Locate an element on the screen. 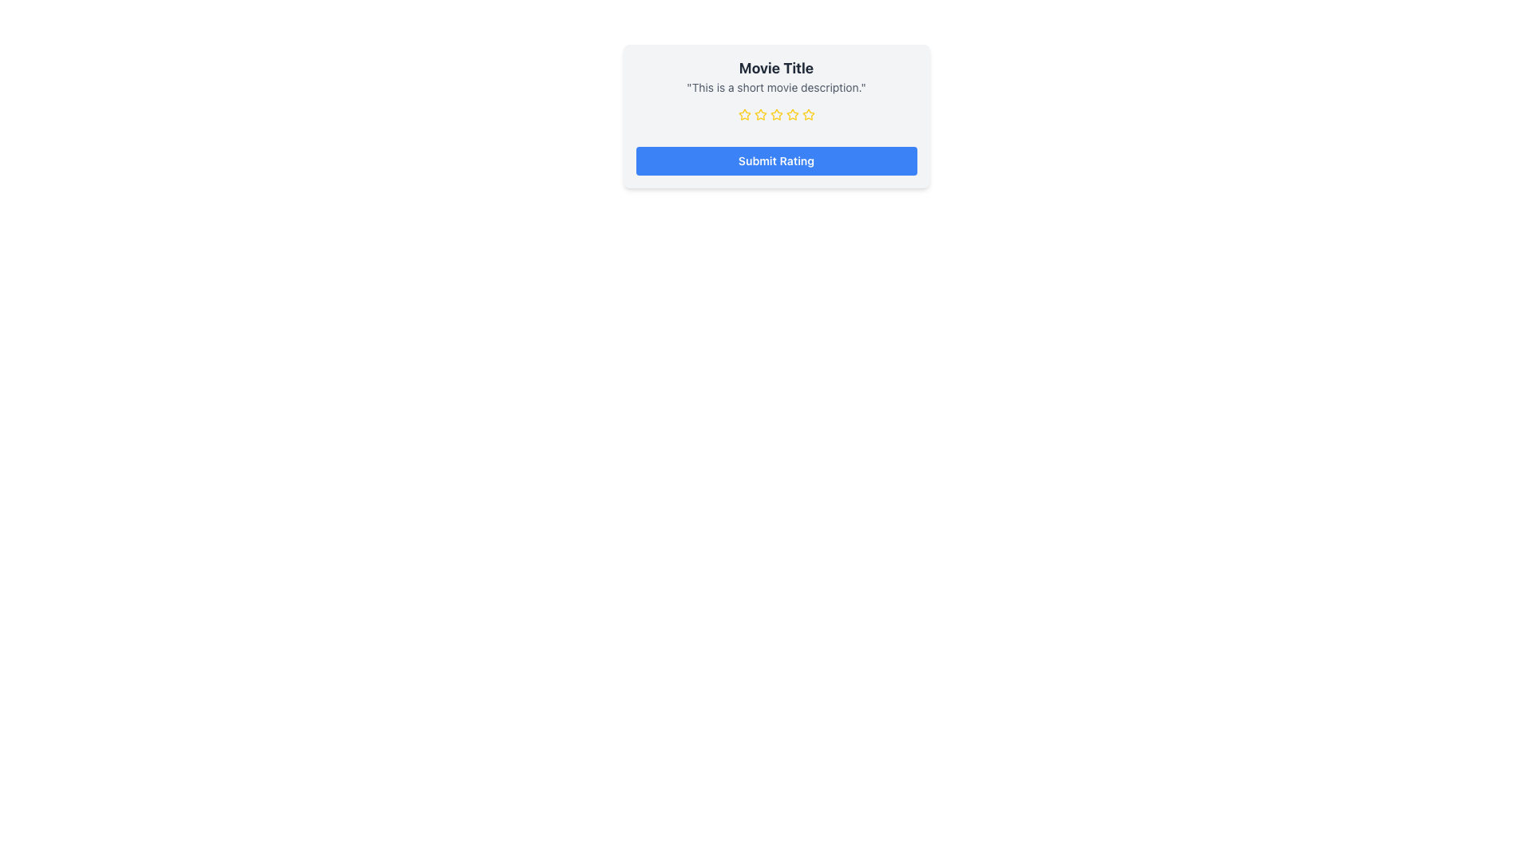  the fourth star icon from the left is located at coordinates (808, 113).